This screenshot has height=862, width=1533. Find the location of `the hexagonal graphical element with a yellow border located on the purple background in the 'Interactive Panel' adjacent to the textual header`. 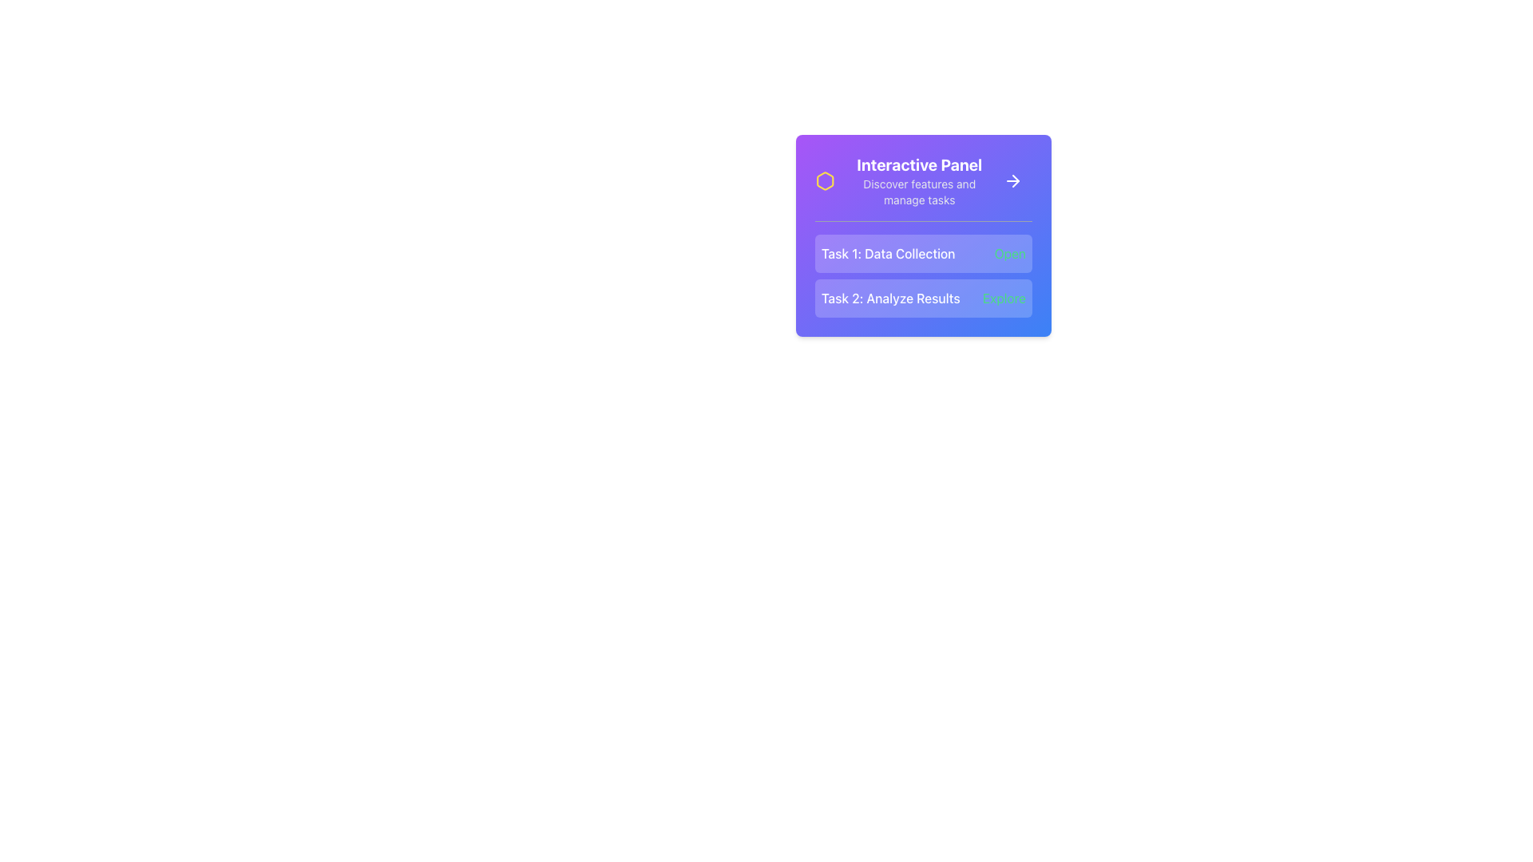

the hexagonal graphical element with a yellow border located on the purple background in the 'Interactive Panel' adjacent to the textual header is located at coordinates (825, 180).